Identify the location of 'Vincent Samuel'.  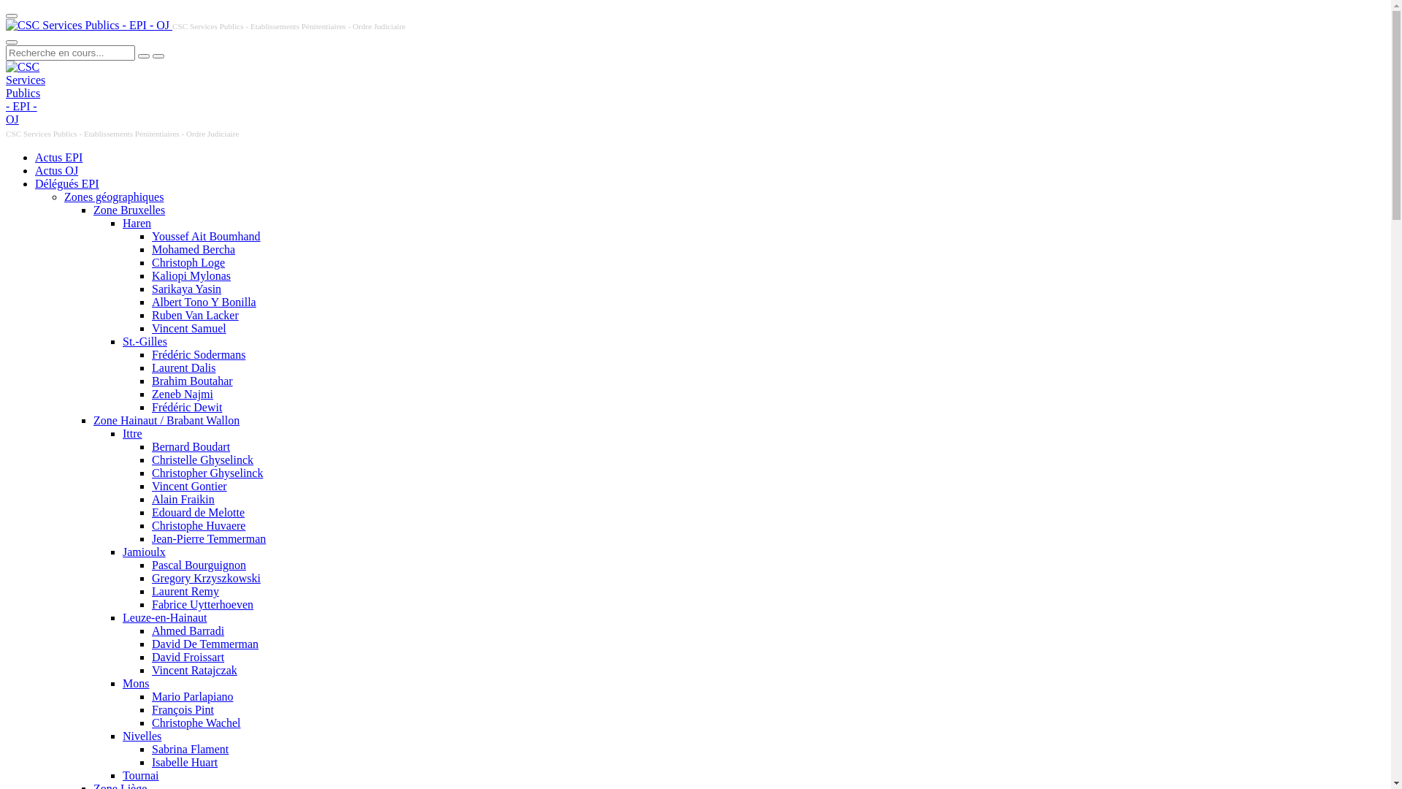
(188, 327).